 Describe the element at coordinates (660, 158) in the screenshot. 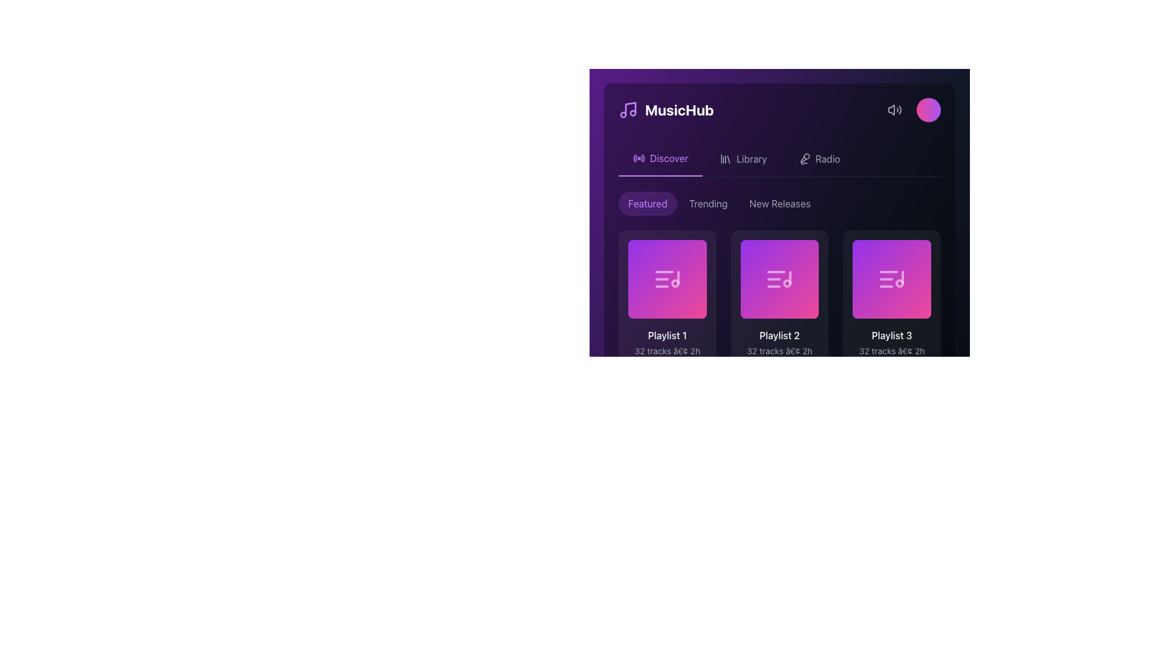

I see `the 'Discover' button located at the top of the main content area below the 'MusicHub' header` at that location.